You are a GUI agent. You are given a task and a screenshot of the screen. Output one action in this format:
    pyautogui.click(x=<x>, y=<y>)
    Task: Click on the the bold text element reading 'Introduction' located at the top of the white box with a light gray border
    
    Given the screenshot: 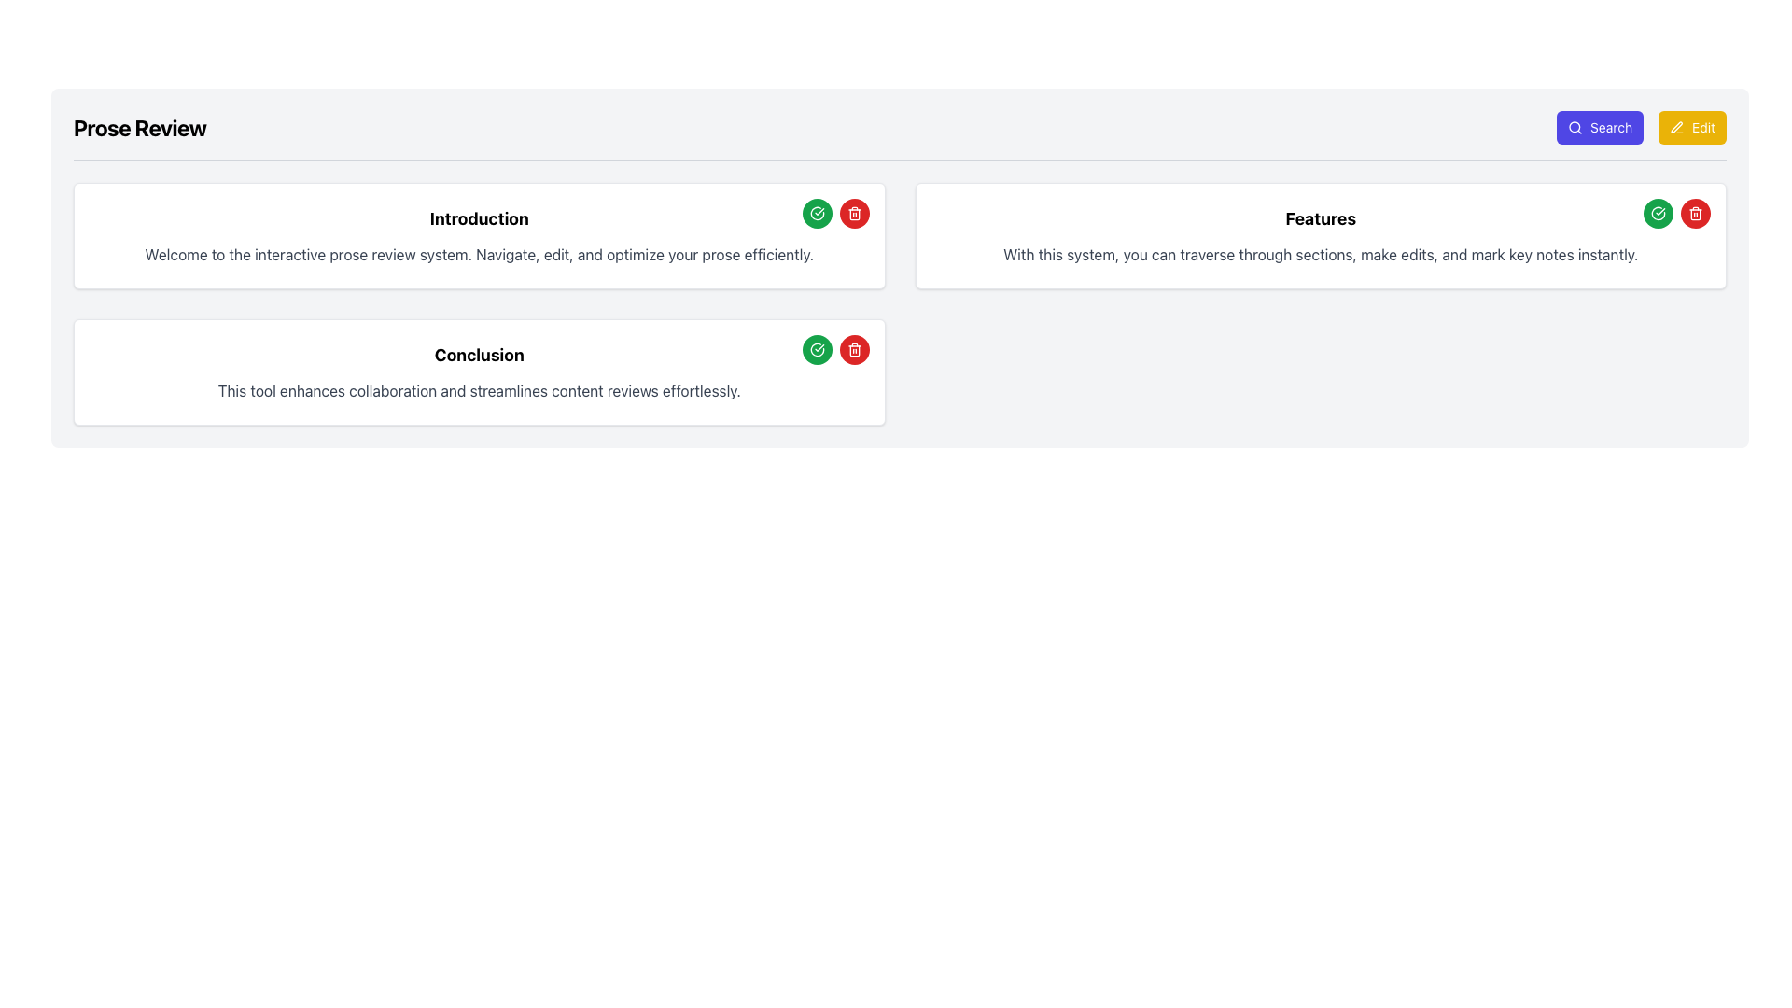 What is the action you would take?
    pyautogui.click(x=479, y=218)
    